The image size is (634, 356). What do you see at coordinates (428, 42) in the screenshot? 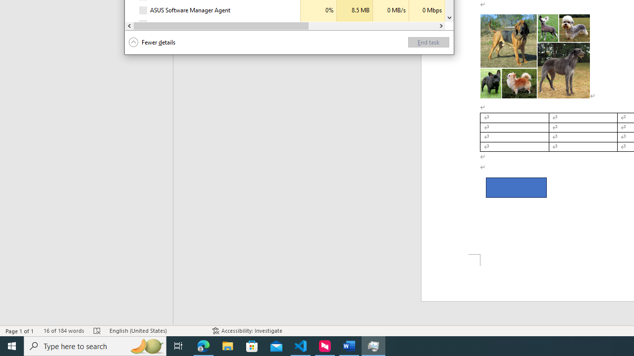
I see `'End task'` at bounding box center [428, 42].